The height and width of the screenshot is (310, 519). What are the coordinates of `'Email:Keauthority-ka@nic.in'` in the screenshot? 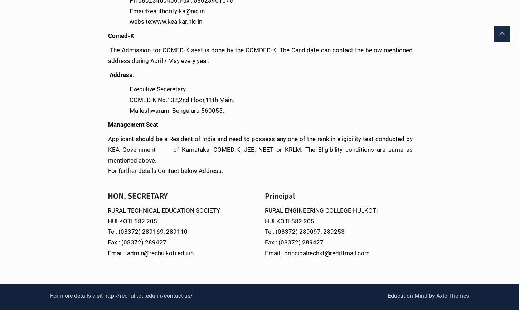 It's located at (108, 10).